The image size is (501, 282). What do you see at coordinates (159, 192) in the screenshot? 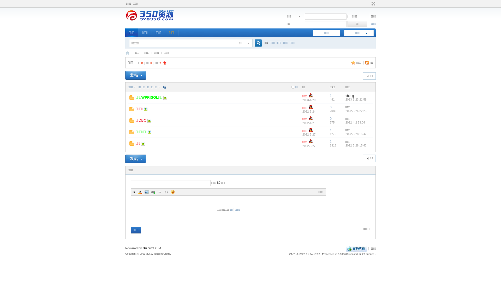
I see `'Quote'` at bounding box center [159, 192].